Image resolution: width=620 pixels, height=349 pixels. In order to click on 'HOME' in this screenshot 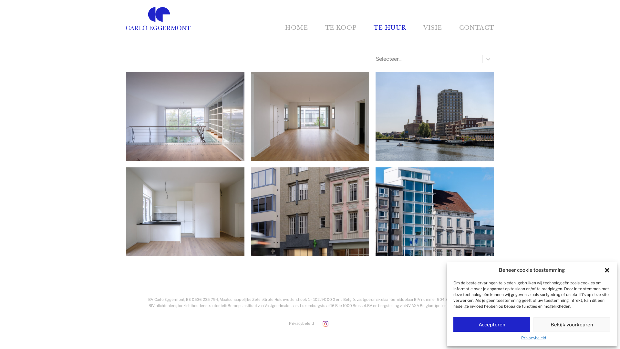, I will do `click(296, 27)`.